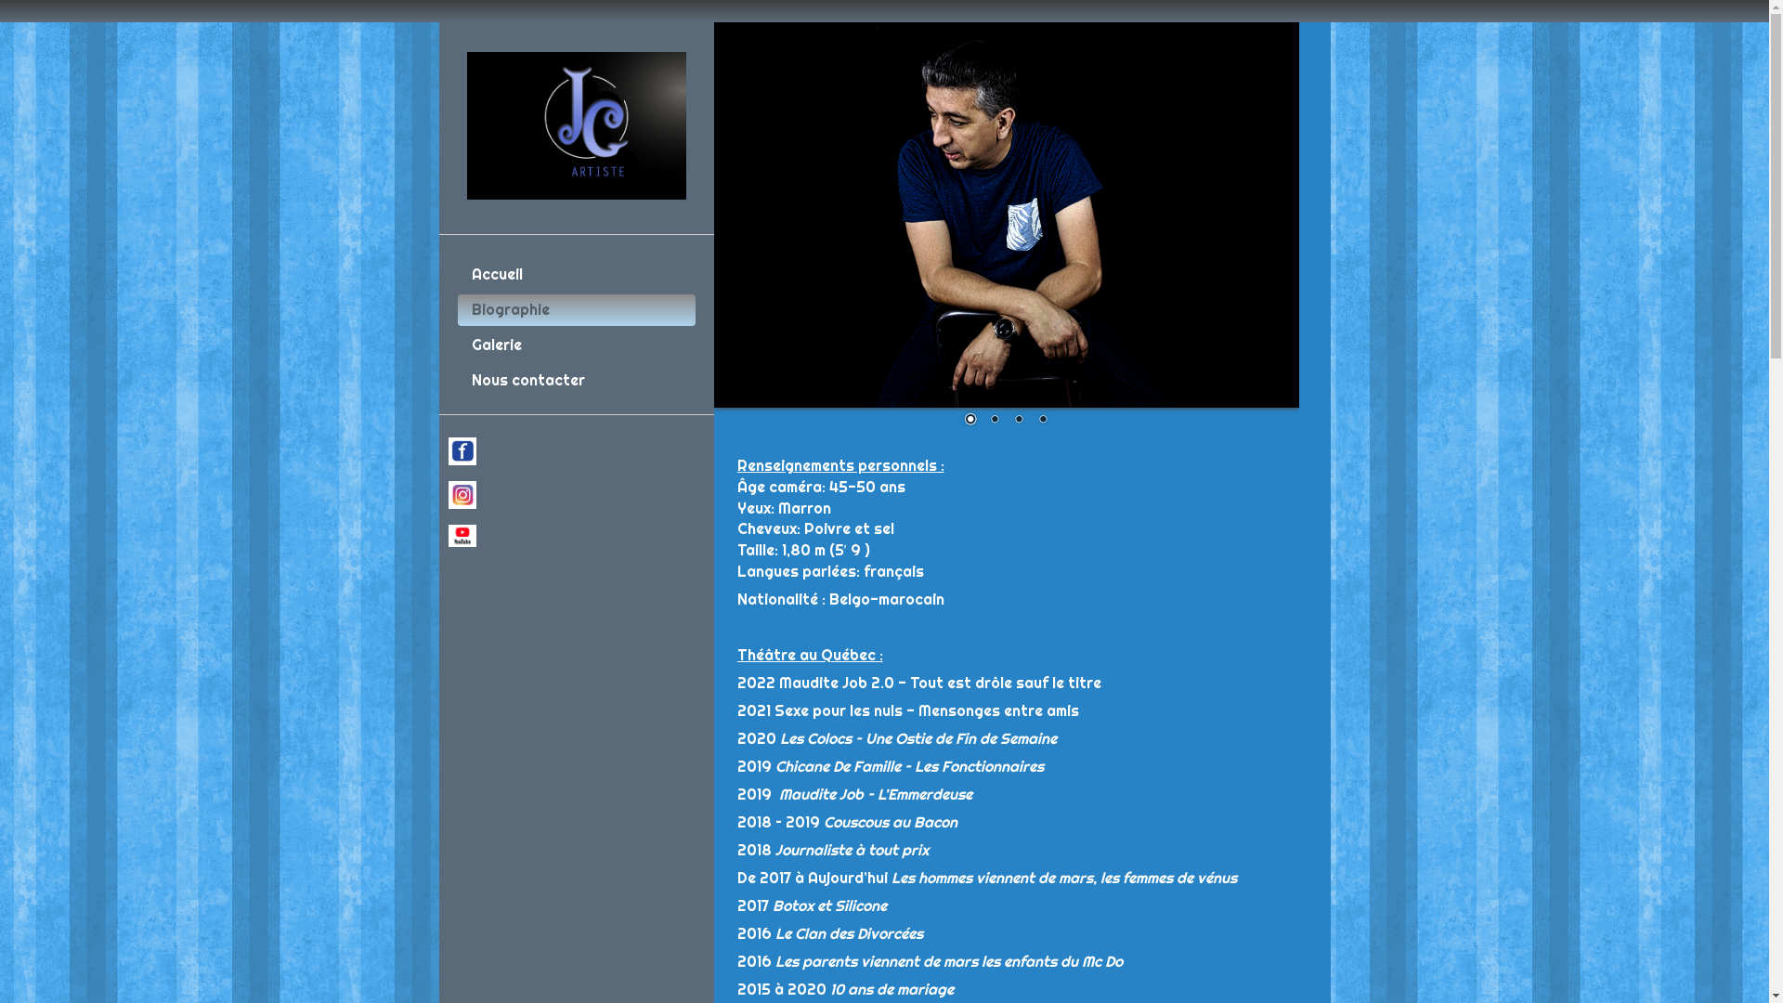 The width and height of the screenshot is (1783, 1003). Describe the element at coordinates (1043, 420) in the screenshot. I see `'4'` at that location.